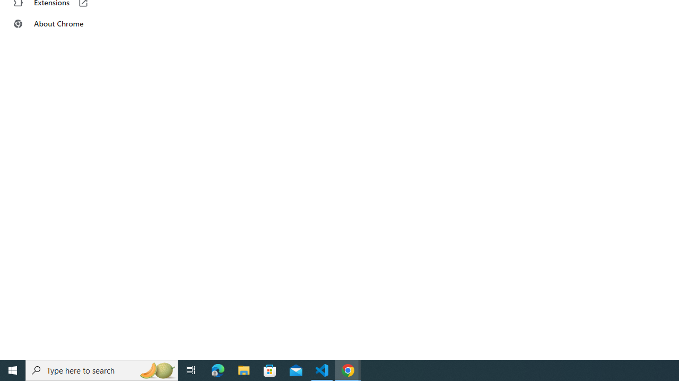 The width and height of the screenshot is (679, 381). I want to click on 'Google Chrome - 2 running windows', so click(348, 369).